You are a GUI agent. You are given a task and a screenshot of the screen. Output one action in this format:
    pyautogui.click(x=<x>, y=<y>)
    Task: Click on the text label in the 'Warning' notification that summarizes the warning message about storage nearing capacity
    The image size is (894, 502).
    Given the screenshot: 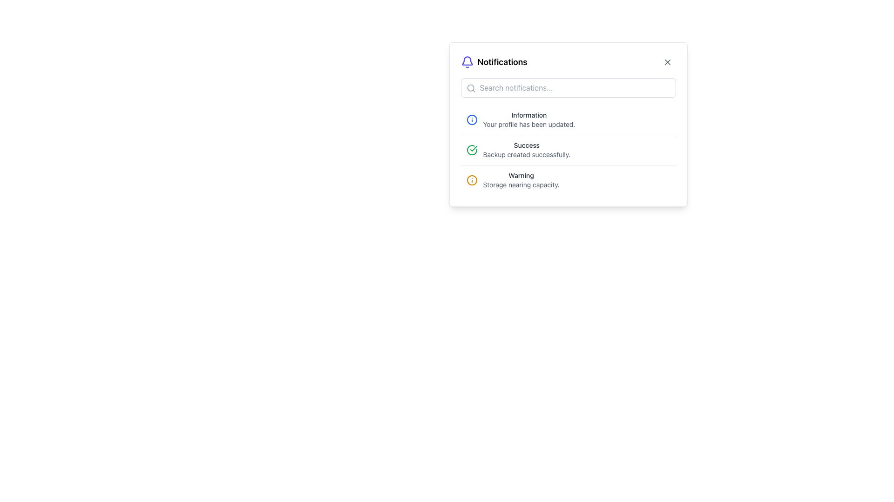 What is the action you would take?
    pyautogui.click(x=521, y=176)
    